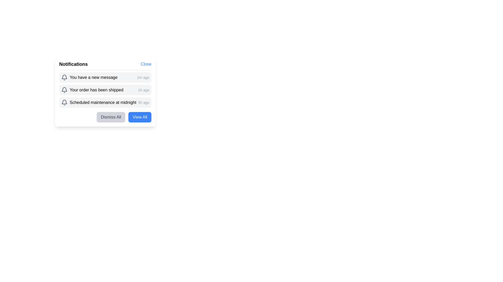 The image size is (503, 282). I want to click on the notification list item associated with the bell-shaped SVG icon that has a gray outline, located in the upper-left corner of the notifications panel as the third item in the list, so click(64, 102).